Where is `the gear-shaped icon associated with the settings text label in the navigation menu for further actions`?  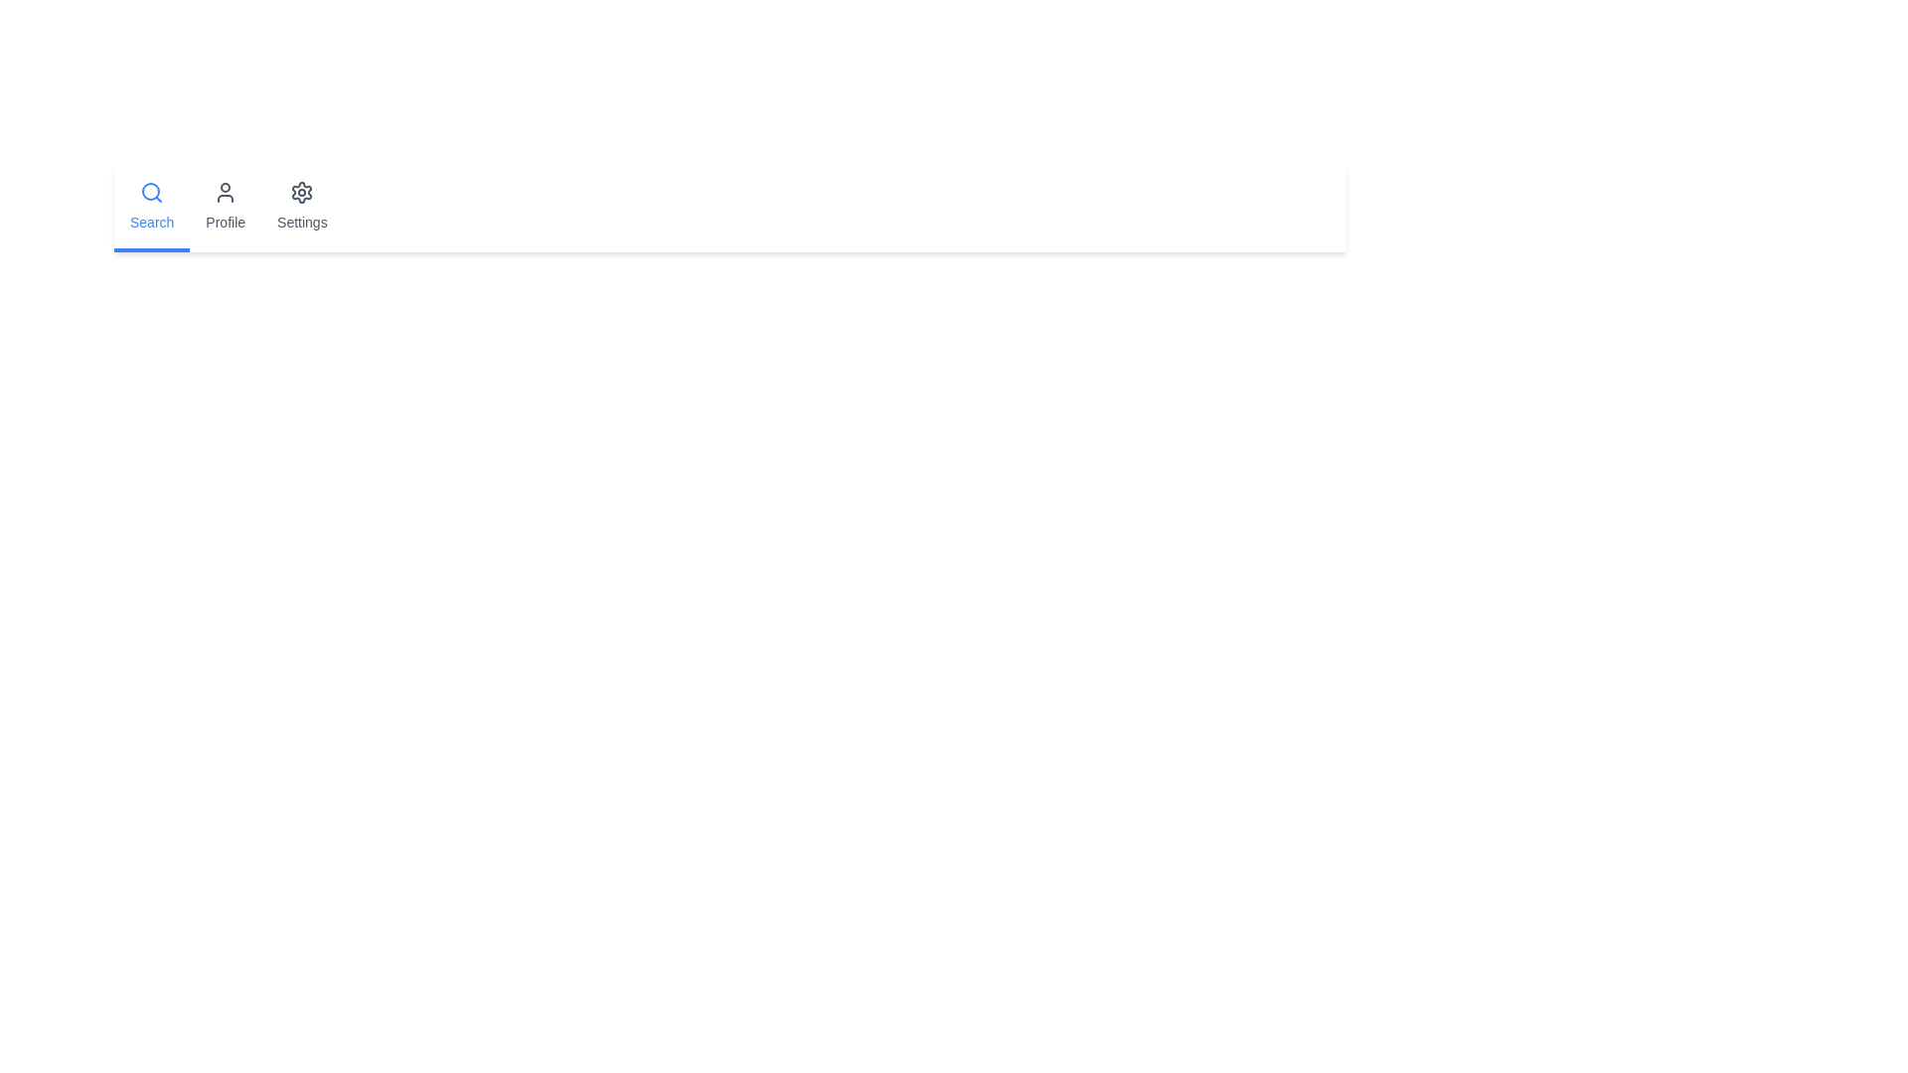
the gear-shaped icon associated with the settings text label in the navigation menu for further actions is located at coordinates (300, 222).